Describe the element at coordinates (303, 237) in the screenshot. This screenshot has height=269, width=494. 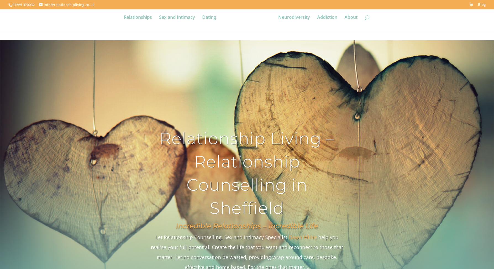
I see `'Dawn White'` at that location.